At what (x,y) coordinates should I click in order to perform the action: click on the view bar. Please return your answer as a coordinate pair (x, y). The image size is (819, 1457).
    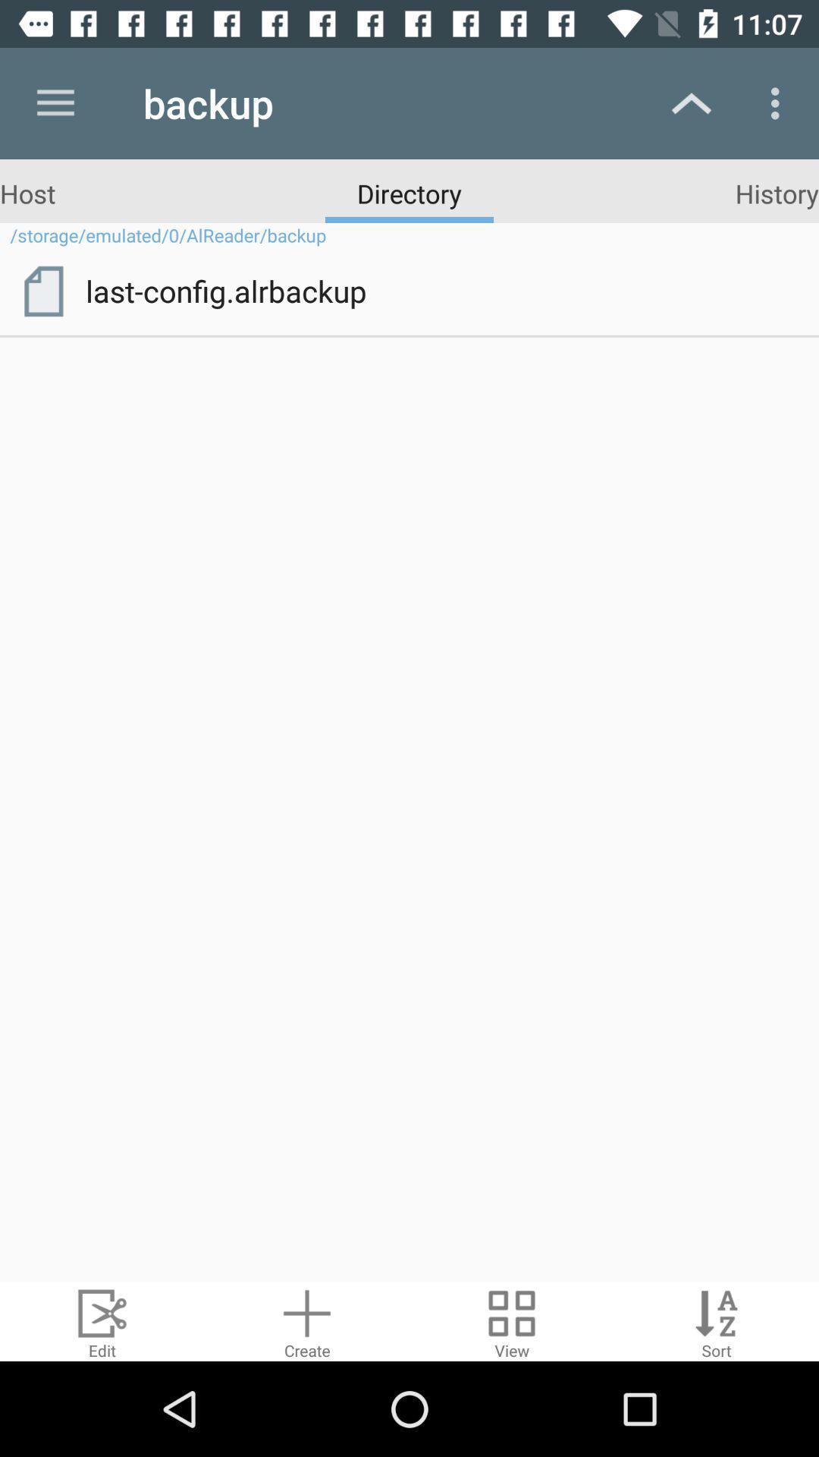
    Looking at the image, I should click on (512, 1320).